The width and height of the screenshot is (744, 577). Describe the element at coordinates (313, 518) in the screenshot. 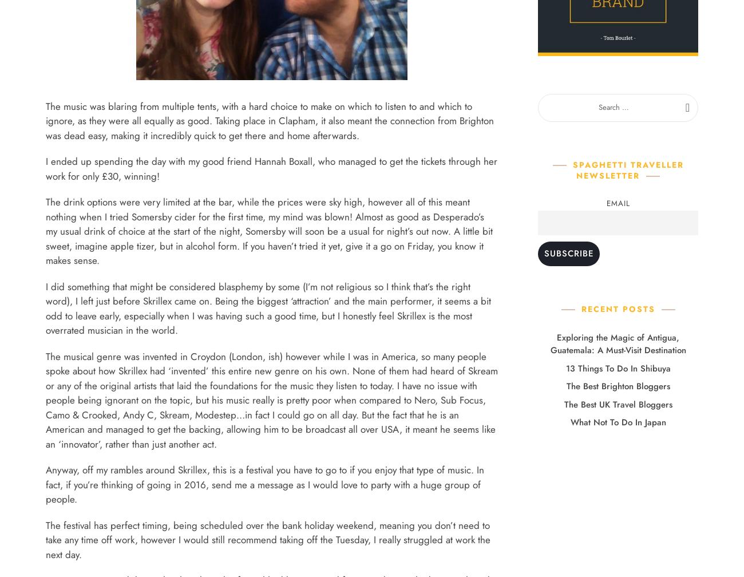

I see `'South Korea'` at that location.